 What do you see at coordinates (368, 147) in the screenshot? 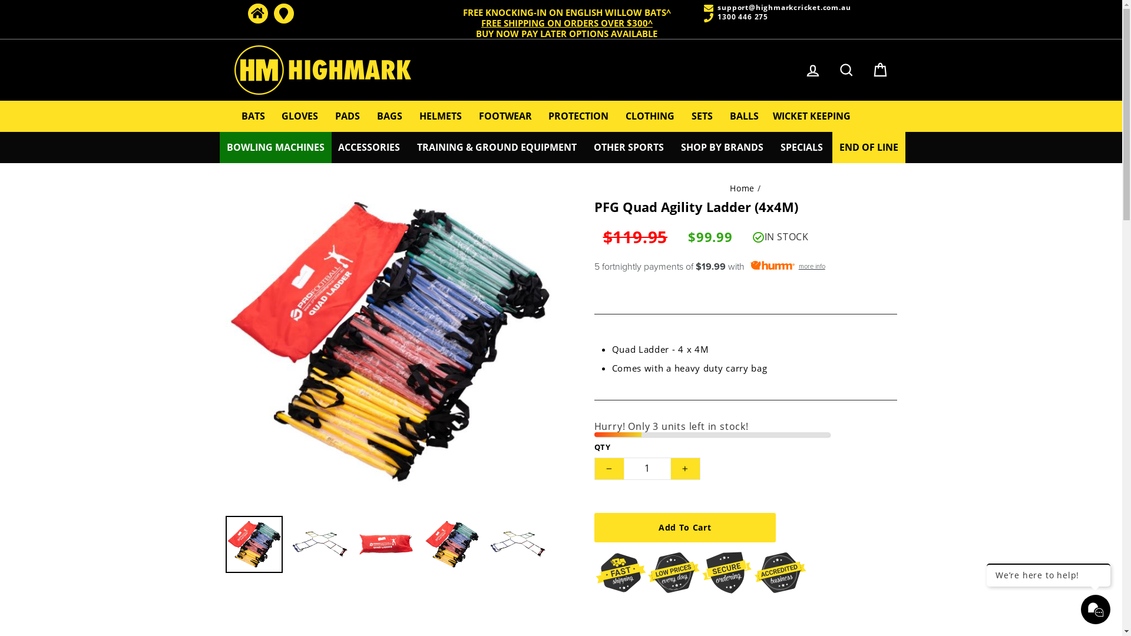
I see `'ACCESSORIES'` at bounding box center [368, 147].